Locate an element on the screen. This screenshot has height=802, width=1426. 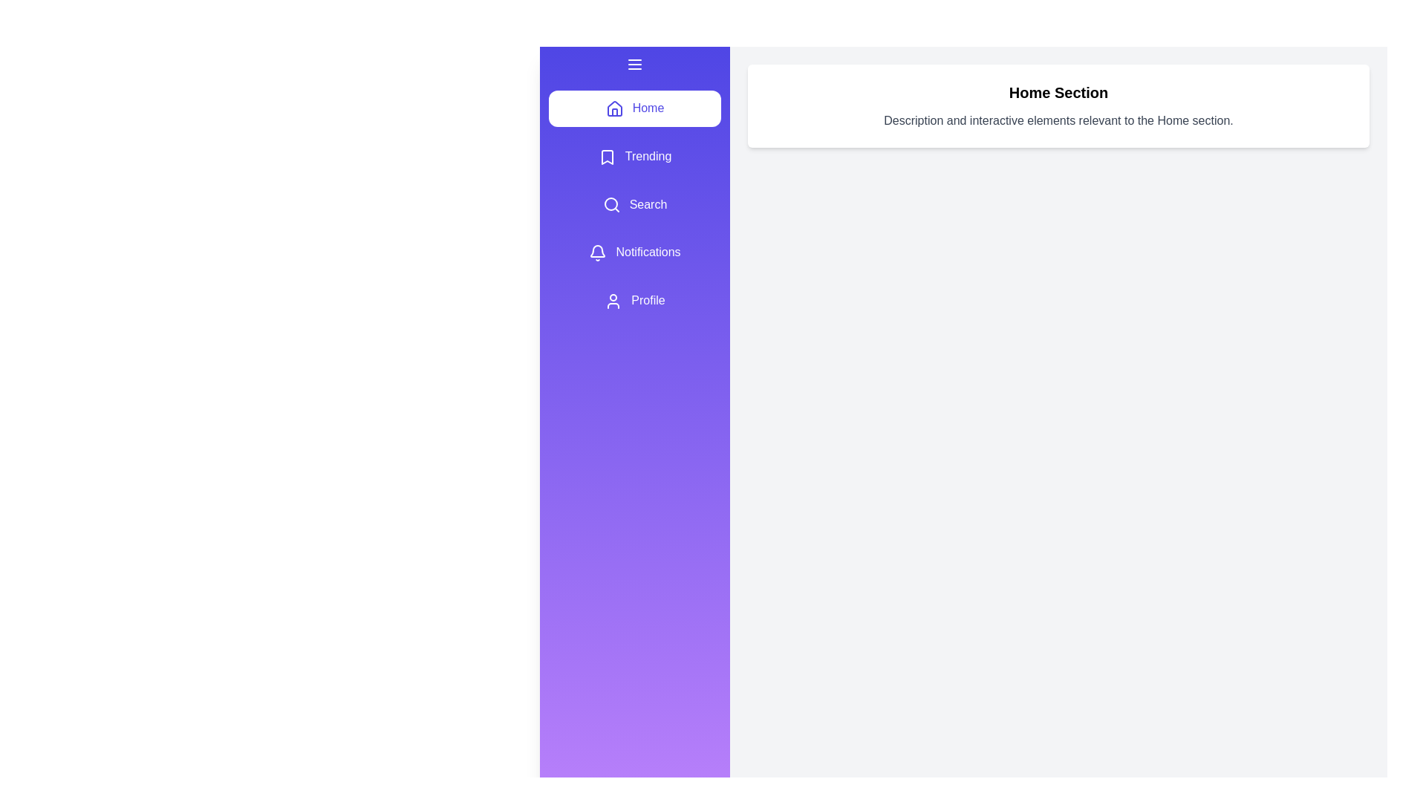
the navigation option labeled Notifications to observe the hover effect is located at coordinates (634, 252).